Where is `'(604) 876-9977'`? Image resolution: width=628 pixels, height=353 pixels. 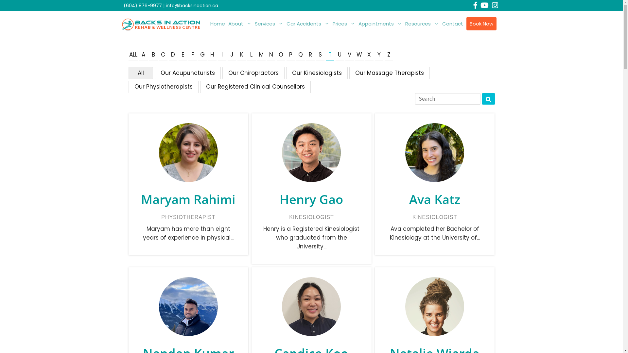 '(604) 876-9977' is located at coordinates (142, 5).